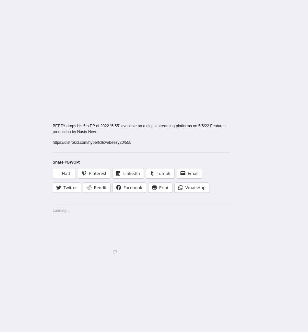 Image resolution: width=308 pixels, height=332 pixels. What do you see at coordinates (70, 188) in the screenshot?
I see `'Twitter'` at bounding box center [70, 188].